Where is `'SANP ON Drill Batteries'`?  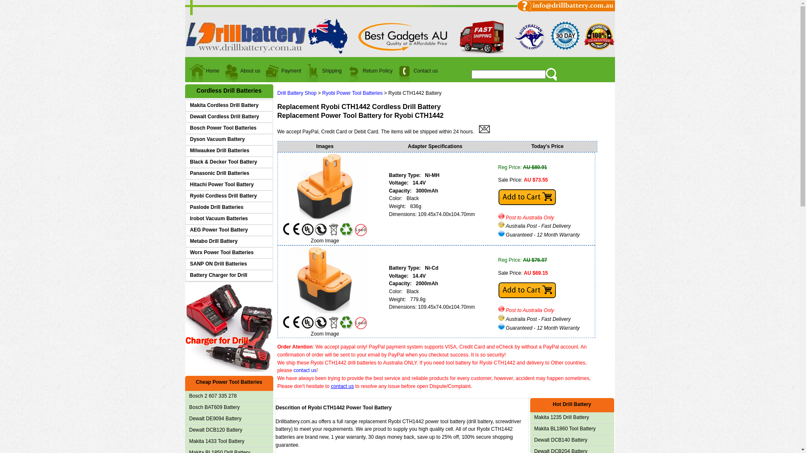
'SANP ON Drill Batteries' is located at coordinates (229, 263).